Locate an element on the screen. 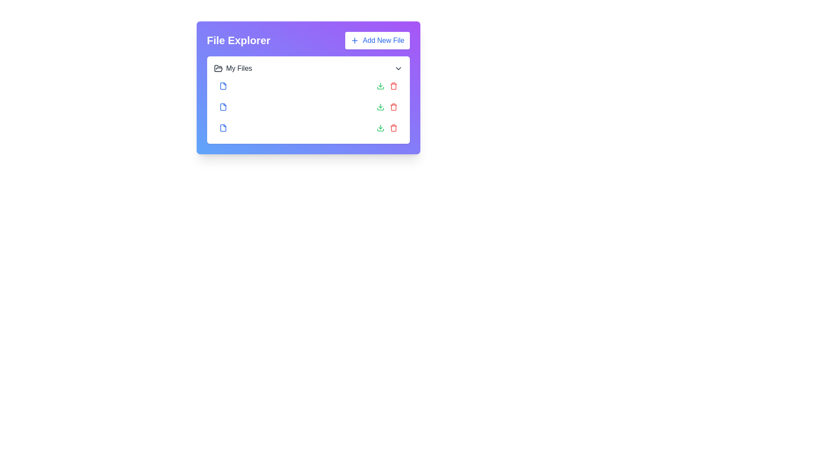 The width and height of the screenshot is (839, 472). the File entry label, which is the third item under the 'My Files' section in the File Explorer interface is located at coordinates (251, 128).